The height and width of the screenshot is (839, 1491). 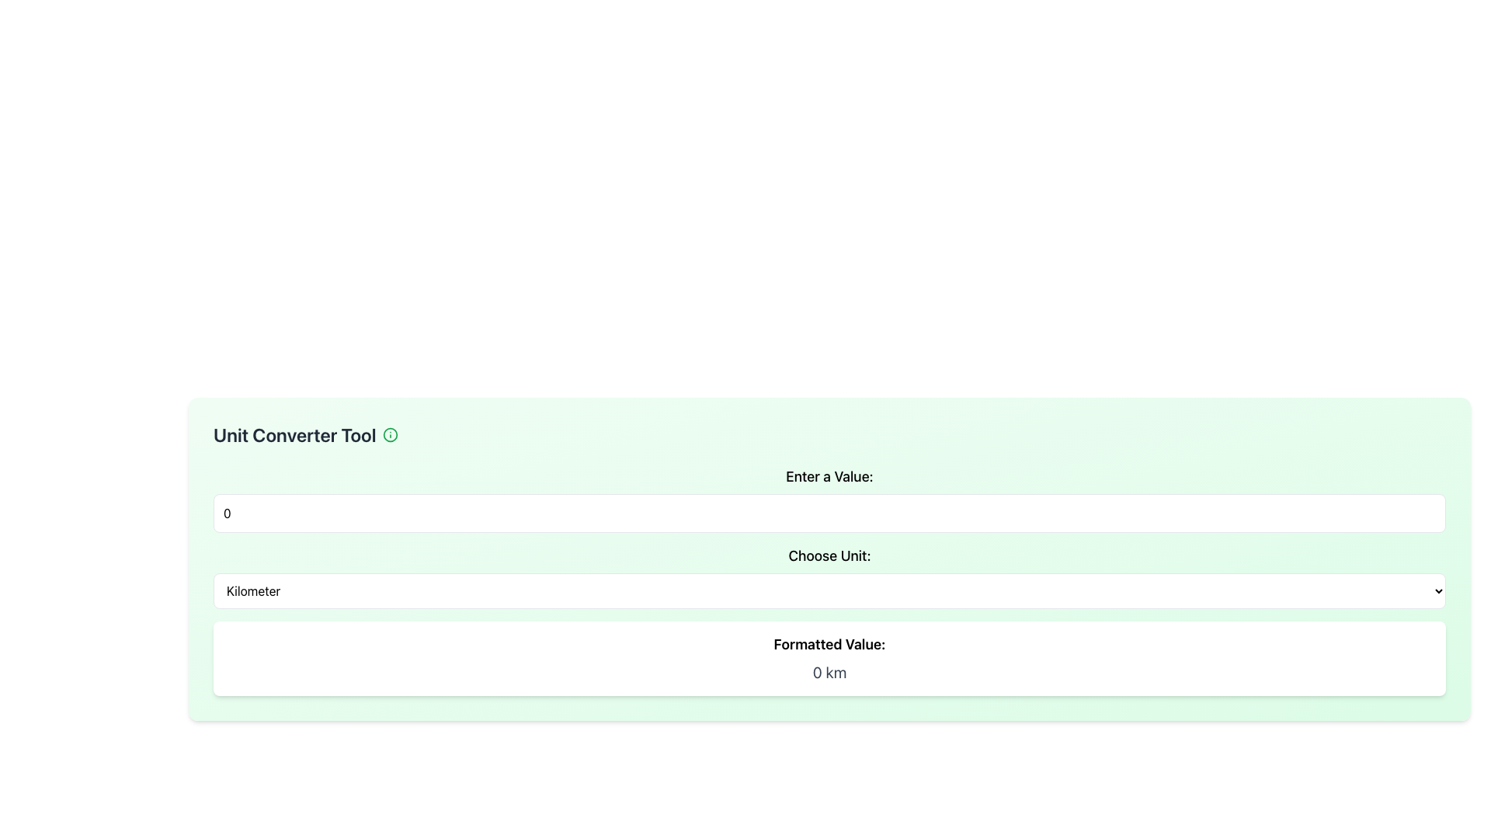 I want to click on the dropdown menu labeled 'Choose Unit:', so click(x=829, y=590).